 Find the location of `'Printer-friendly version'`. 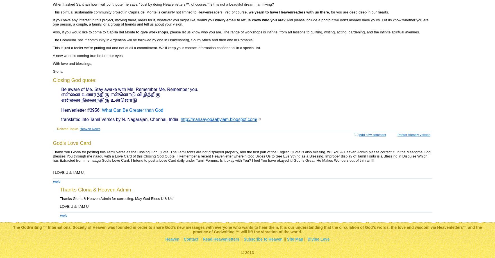

'Printer-friendly version' is located at coordinates (414, 134).